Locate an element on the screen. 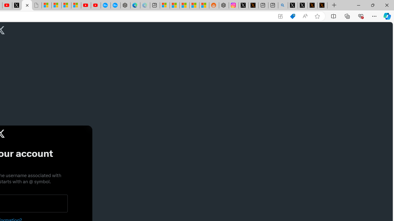 This screenshot has width=394, height=221. 'Shanghai, China Weather trends | Microsoft Weather' is located at coordinates (204, 5).